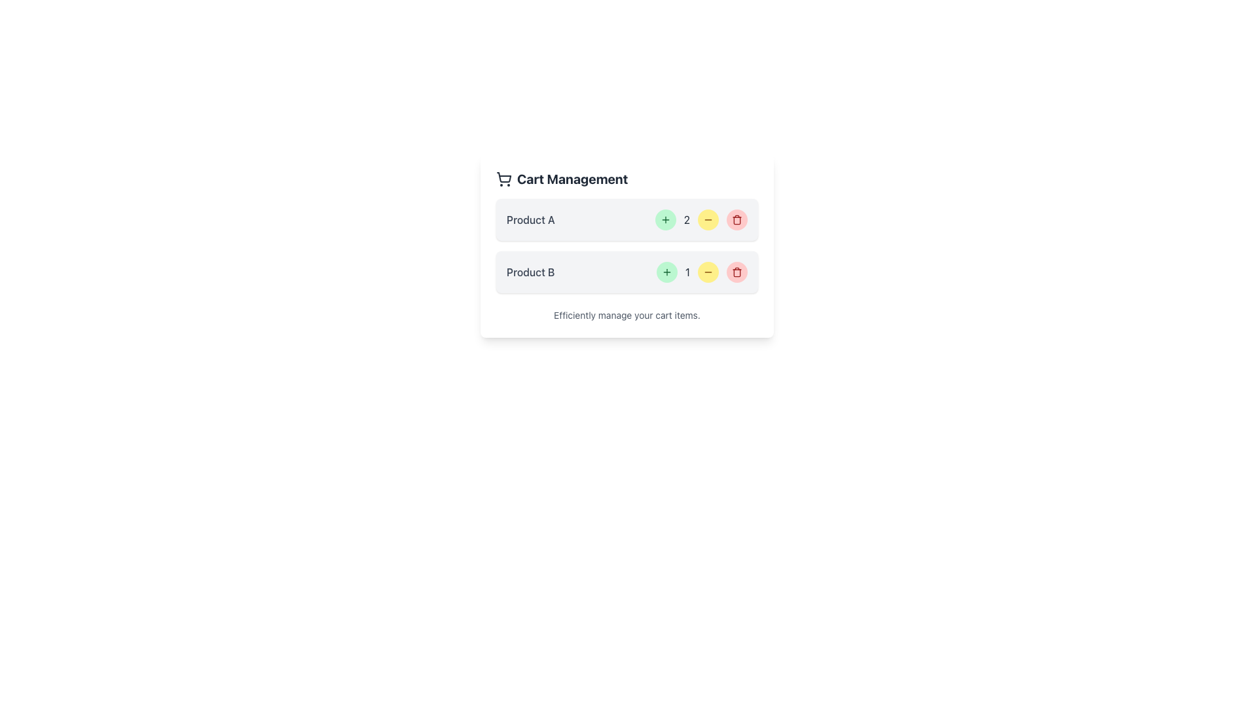 The height and width of the screenshot is (707, 1257). I want to click on the Text Label element labeled 'Product B', which is styled in gray and is positioned directly below 'Product A' in a vertical list layout, so click(530, 272).